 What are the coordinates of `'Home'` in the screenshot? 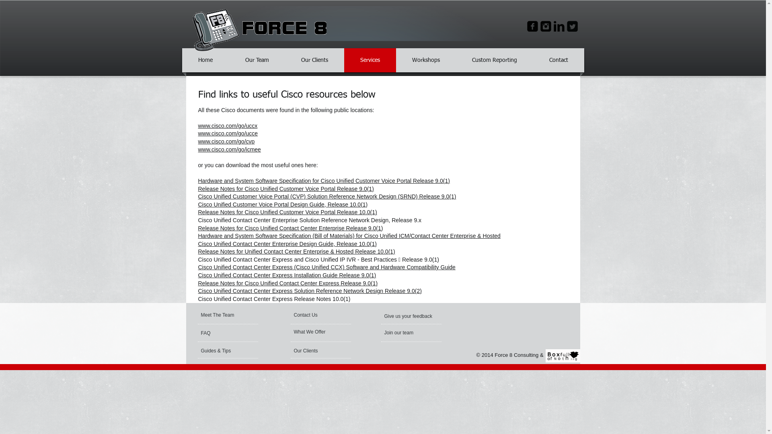 It's located at (205, 60).